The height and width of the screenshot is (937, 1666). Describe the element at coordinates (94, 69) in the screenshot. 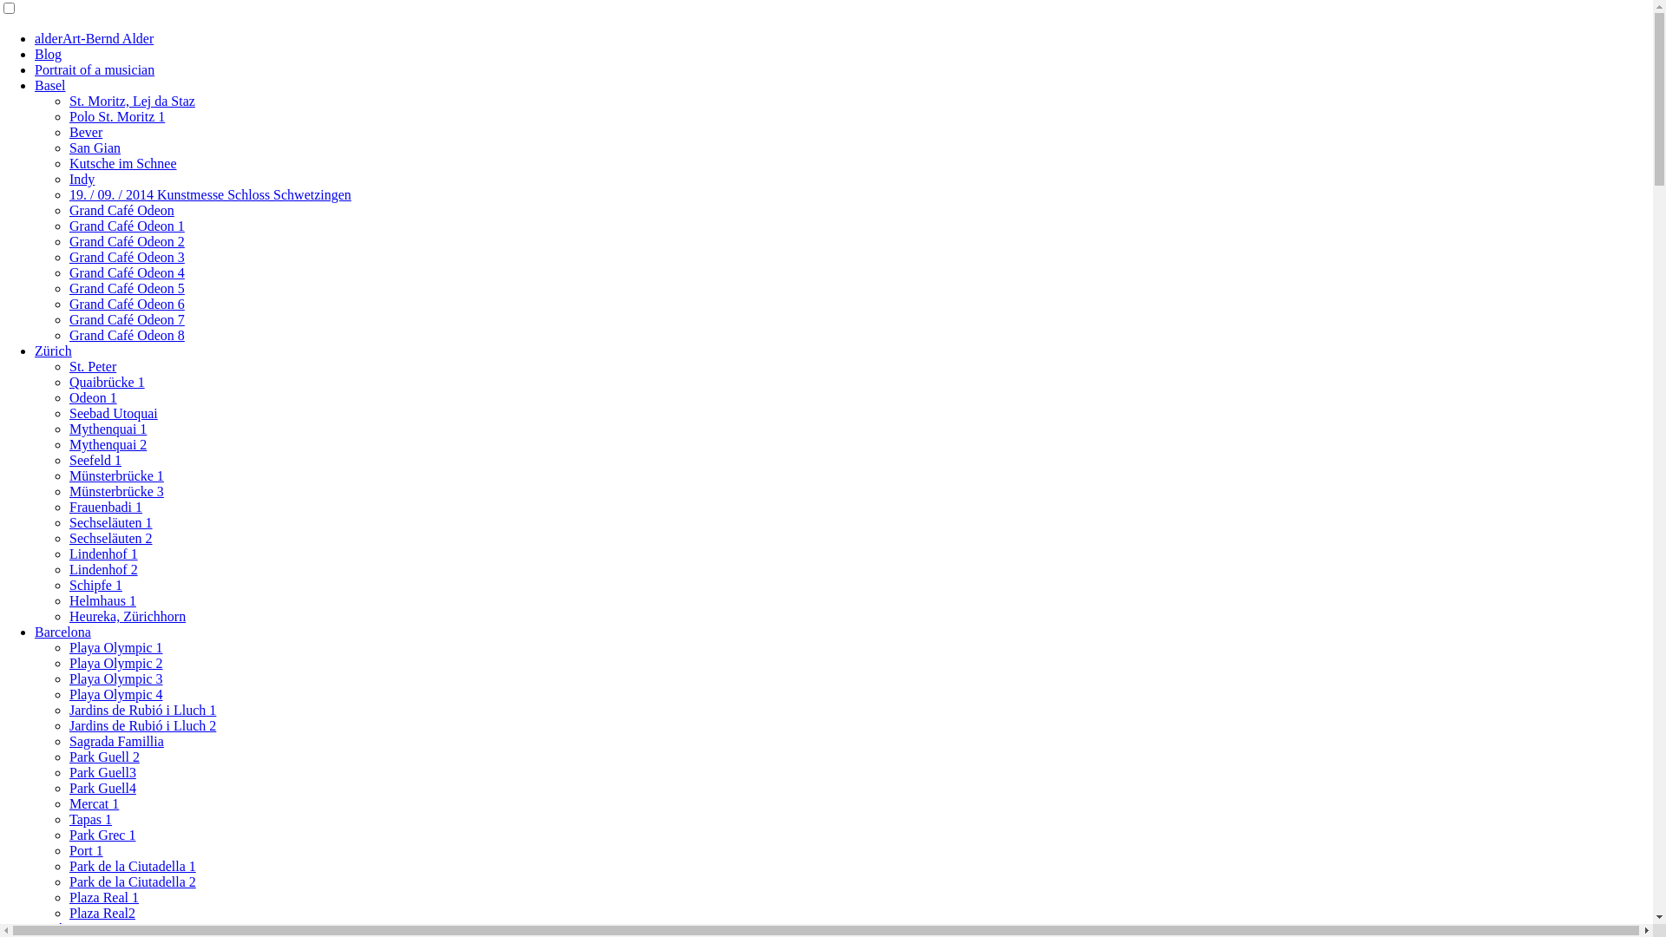

I see `'Portrait of a musician'` at that location.